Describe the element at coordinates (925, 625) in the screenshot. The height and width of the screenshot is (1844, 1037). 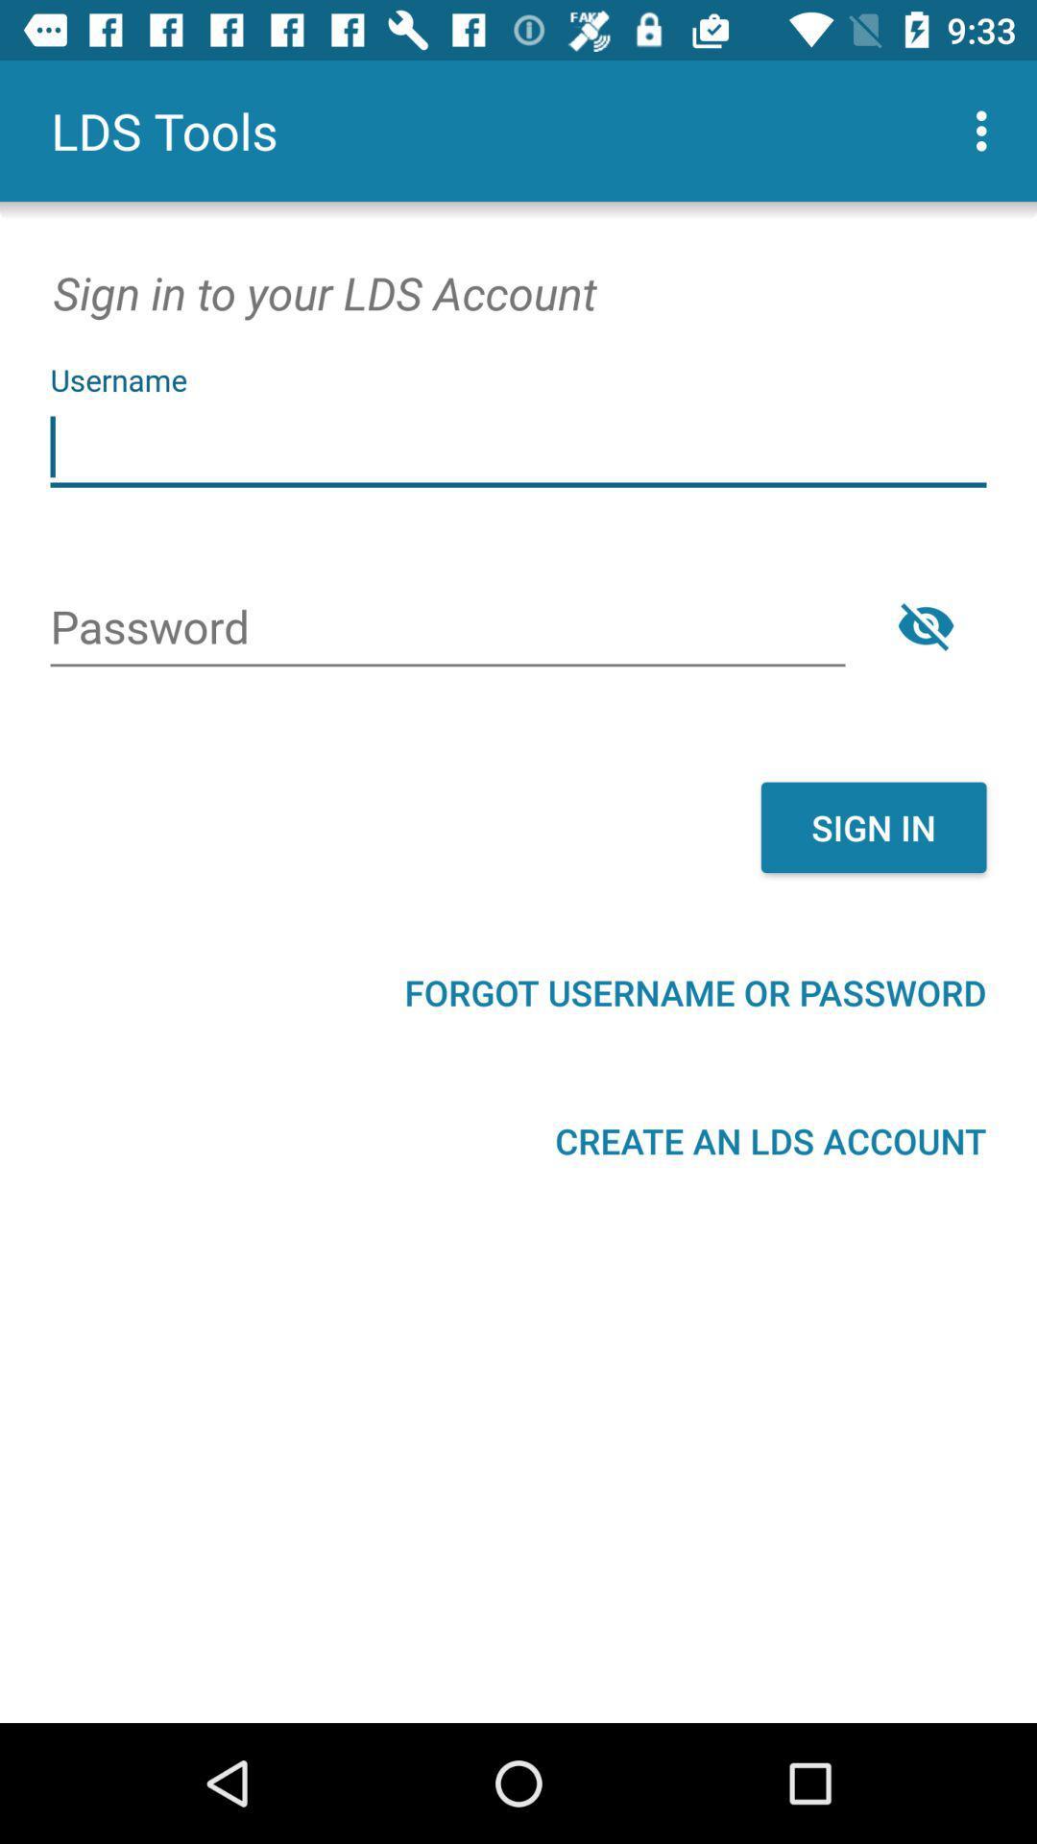
I see `the visibility icon` at that location.